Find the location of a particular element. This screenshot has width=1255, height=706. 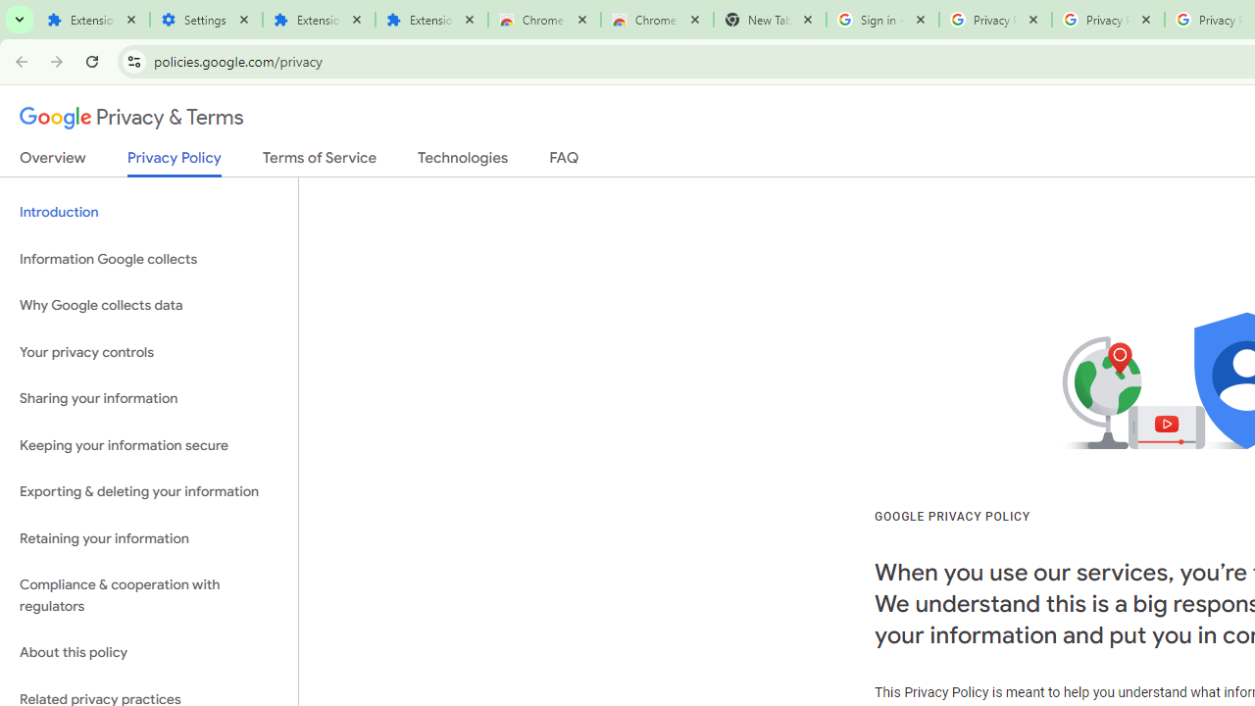

'Compliance & cooperation with regulators' is located at coordinates (148, 595).